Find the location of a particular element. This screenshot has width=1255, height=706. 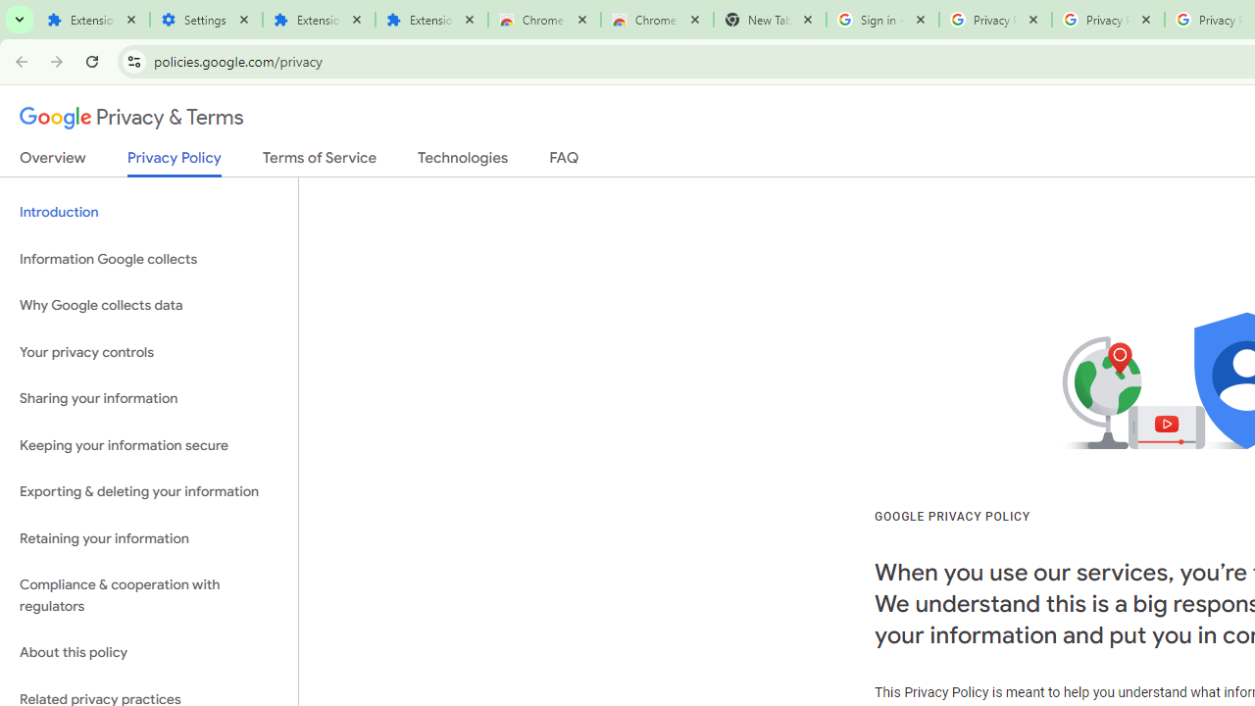

'Compliance & cooperation with regulators' is located at coordinates (148, 595).